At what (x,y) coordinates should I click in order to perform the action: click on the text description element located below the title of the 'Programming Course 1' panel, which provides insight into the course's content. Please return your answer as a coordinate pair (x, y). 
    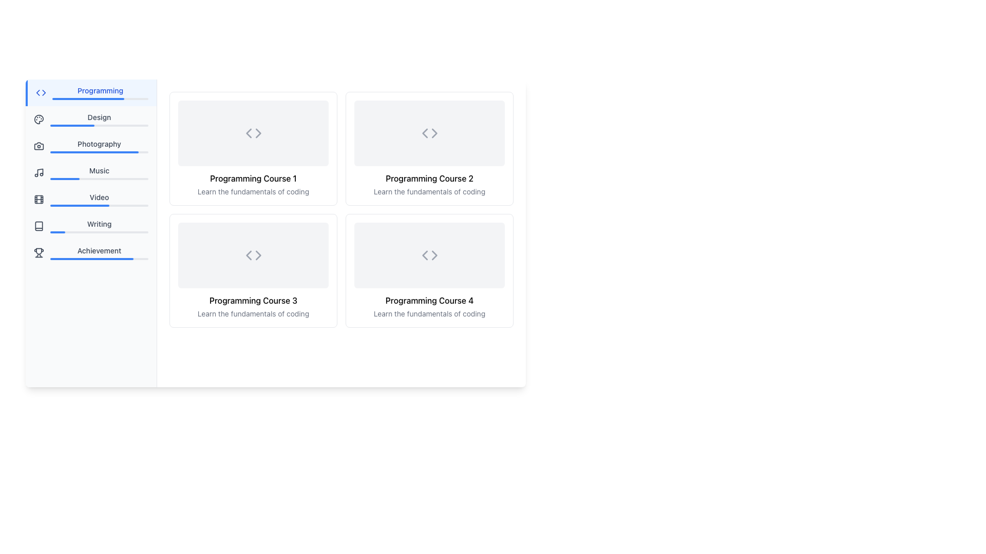
    Looking at the image, I should click on (253, 192).